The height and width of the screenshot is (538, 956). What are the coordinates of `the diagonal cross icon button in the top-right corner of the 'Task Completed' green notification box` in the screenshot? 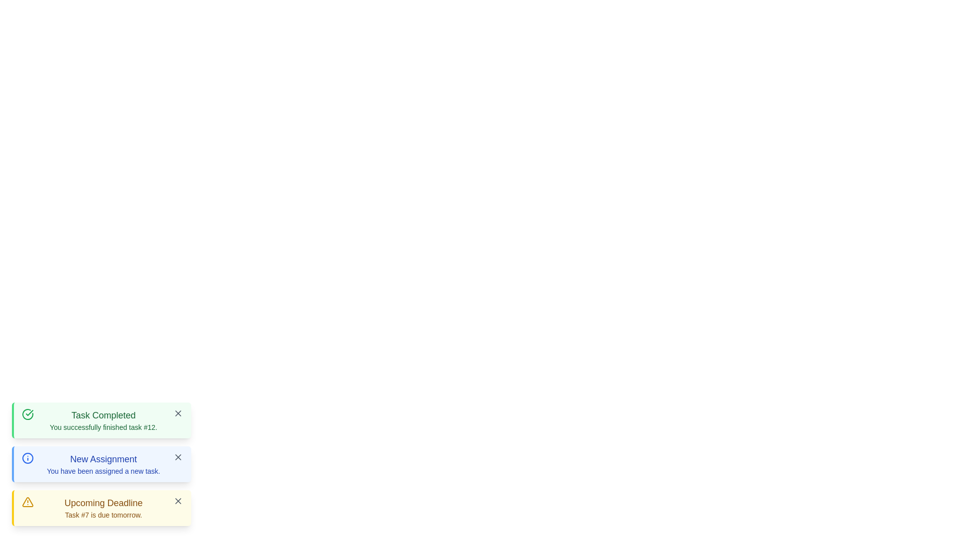 It's located at (178, 413).